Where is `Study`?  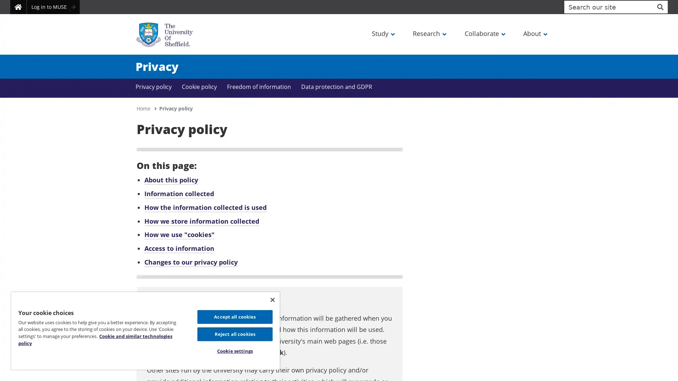
Study is located at coordinates (382, 33).